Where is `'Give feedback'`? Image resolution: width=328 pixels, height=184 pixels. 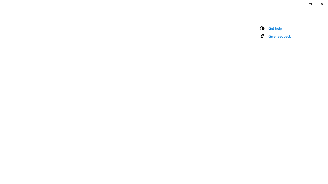 'Give feedback' is located at coordinates (279, 36).